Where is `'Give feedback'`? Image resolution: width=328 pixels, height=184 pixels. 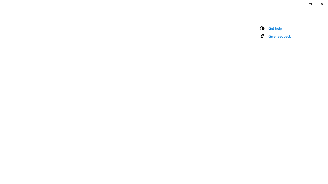 'Give feedback' is located at coordinates (279, 36).